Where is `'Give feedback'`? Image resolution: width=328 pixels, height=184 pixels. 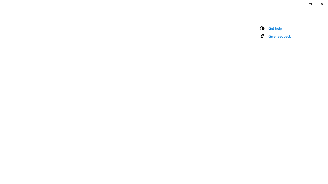 'Give feedback' is located at coordinates (279, 36).